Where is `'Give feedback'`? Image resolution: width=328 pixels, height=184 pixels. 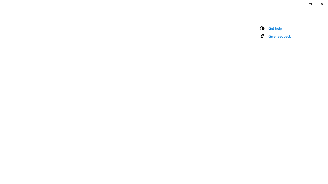 'Give feedback' is located at coordinates (279, 36).